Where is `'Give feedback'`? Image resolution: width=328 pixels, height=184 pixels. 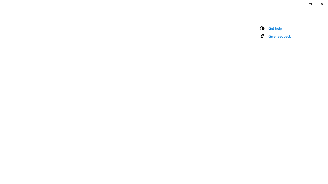 'Give feedback' is located at coordinates (279, 36).